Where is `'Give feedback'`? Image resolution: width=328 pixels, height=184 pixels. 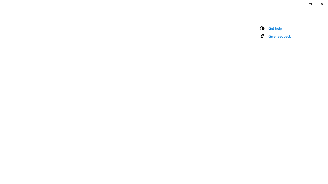 'Give feedback' is located at coordinates (279, 36).